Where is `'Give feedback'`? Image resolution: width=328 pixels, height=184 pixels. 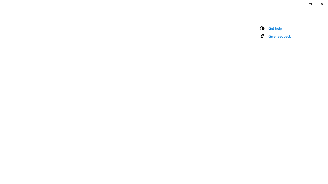 'Give feedback' is located at coordinates (279, 36).